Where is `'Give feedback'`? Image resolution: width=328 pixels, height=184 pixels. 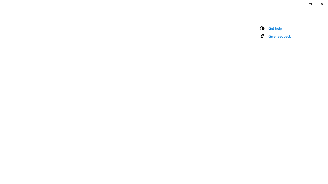 'Give feedback' is located at coordinates (279, 36).